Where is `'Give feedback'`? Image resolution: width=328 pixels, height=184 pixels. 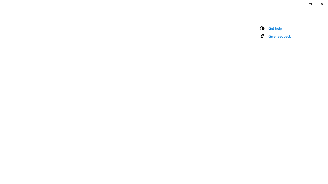 'Give feedback' is located at coordinates (279, 36).